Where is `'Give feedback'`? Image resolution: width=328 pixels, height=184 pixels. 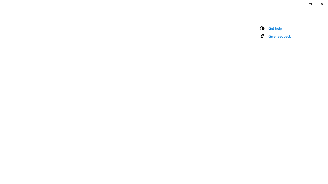 'Give feedback' is located at coordinates (279, 36).